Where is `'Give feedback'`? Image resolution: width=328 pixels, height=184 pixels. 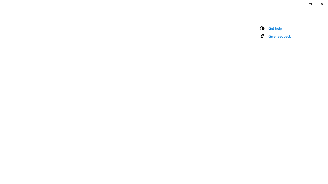 'Give feedback' is located at coordinates (279, 36).